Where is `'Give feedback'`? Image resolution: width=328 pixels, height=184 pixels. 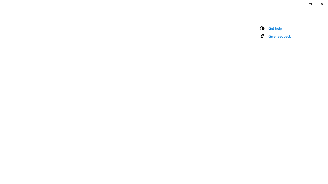 'Give feedback' is located at coordinates (279, 36).